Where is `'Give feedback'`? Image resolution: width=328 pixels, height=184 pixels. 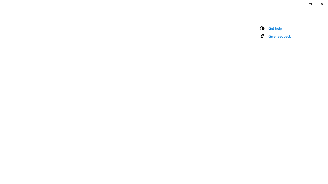 'Give feedback' is located at coordinates (279, 36).